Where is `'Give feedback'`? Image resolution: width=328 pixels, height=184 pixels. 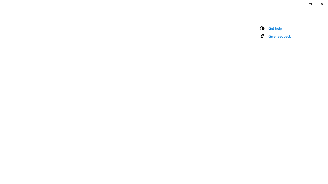 'Give feedback' is located at coordinates (279, 36).